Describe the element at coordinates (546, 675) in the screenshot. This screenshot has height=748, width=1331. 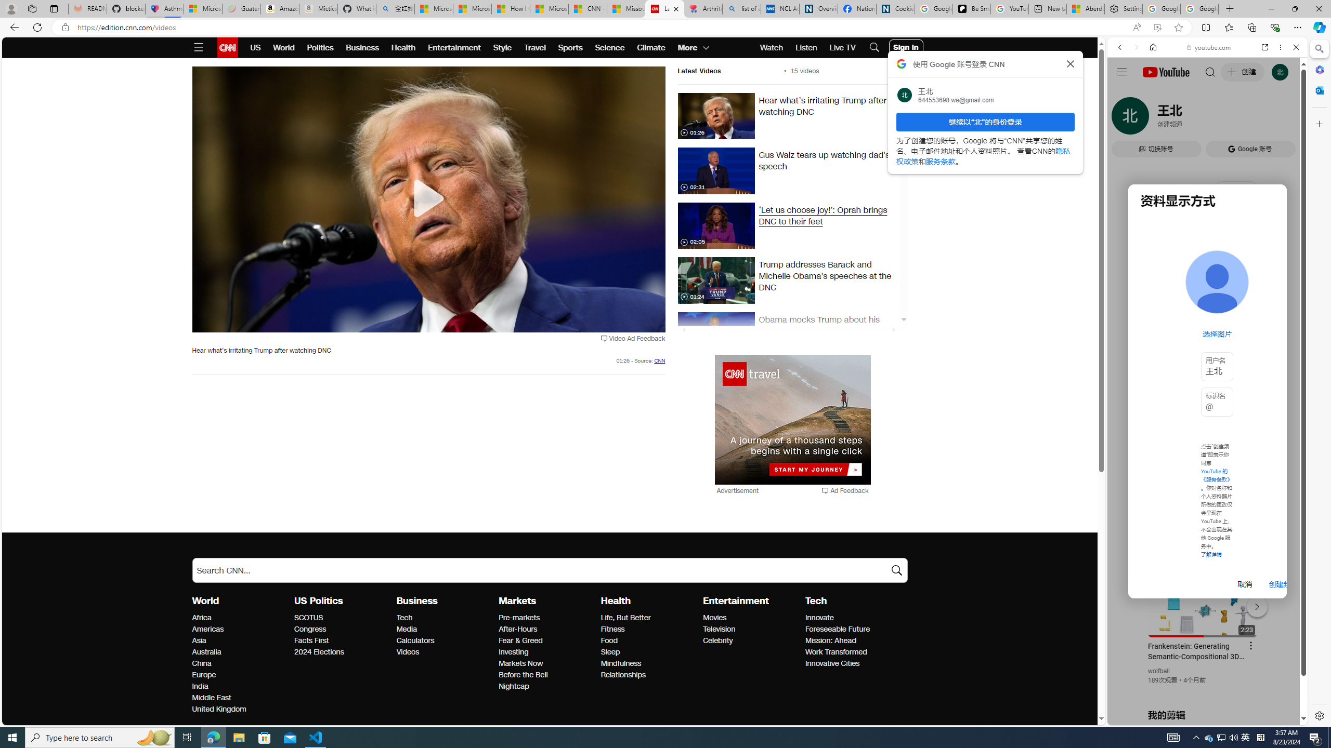
I see `'Before the Bell'` at that location.